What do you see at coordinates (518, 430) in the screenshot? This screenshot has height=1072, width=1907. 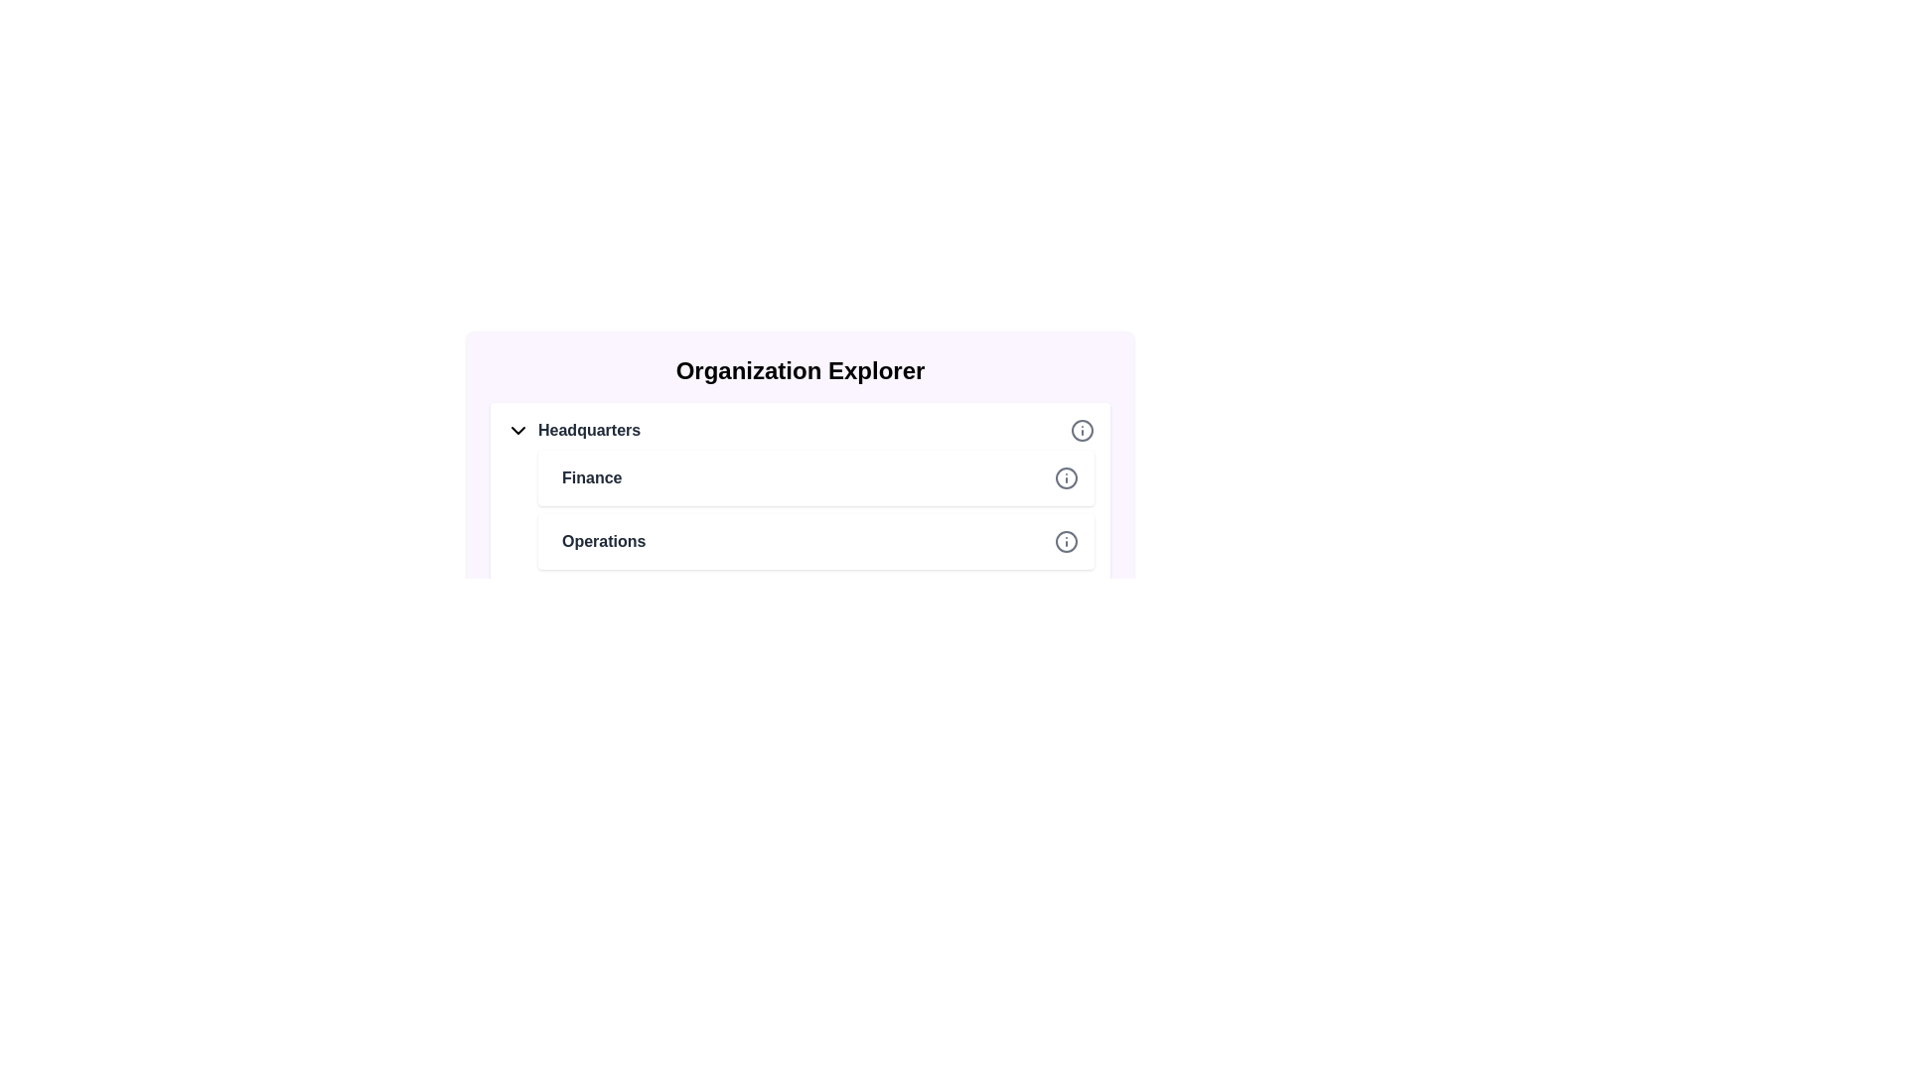 I see `the downward-pointing chevron icon located to the left of the 'Headquarters' text in the 'Organization Explorer' interface` at bounding box center [518, 430].